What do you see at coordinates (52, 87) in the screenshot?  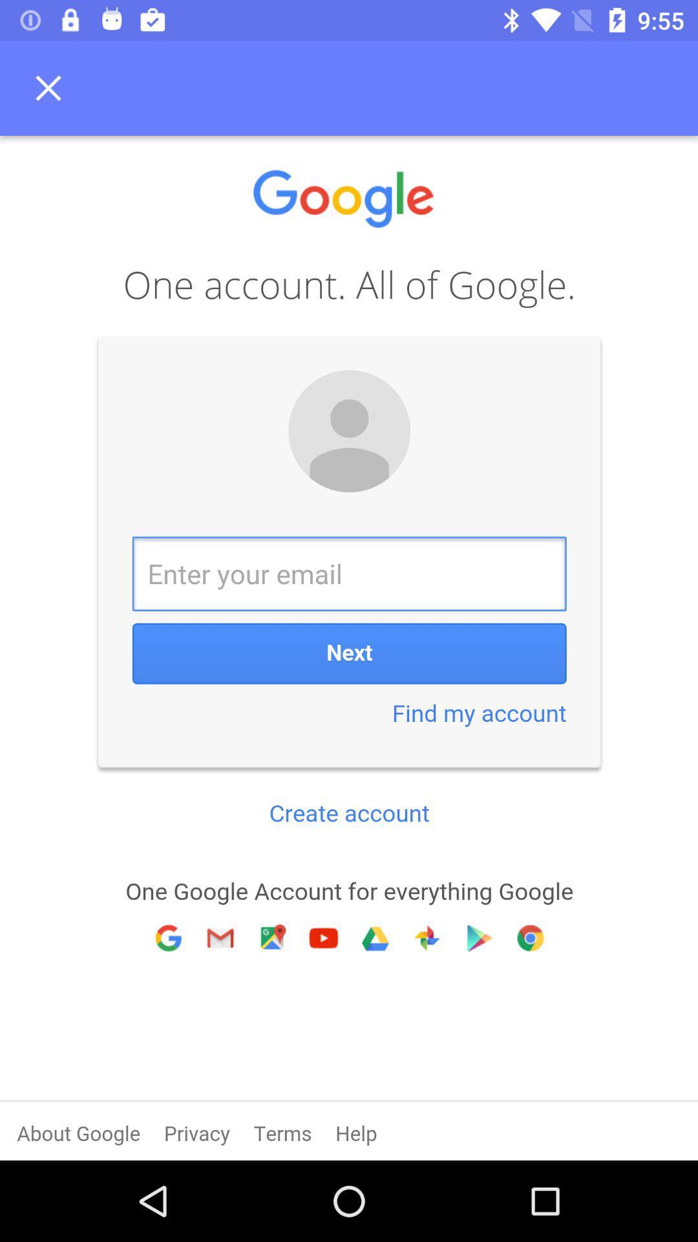 I see `screen` at bounding box center [52, 87].